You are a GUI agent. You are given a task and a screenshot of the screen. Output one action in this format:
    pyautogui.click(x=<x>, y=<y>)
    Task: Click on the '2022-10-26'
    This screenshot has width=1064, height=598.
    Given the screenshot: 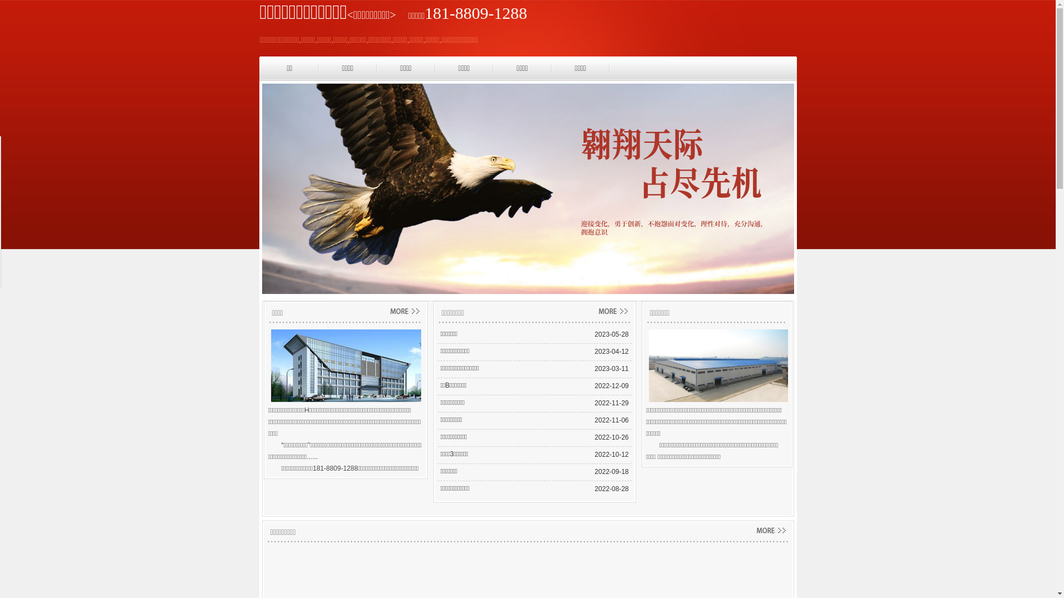 What is the action you would take?
    pyautogui.click(x=611, y=437)
    